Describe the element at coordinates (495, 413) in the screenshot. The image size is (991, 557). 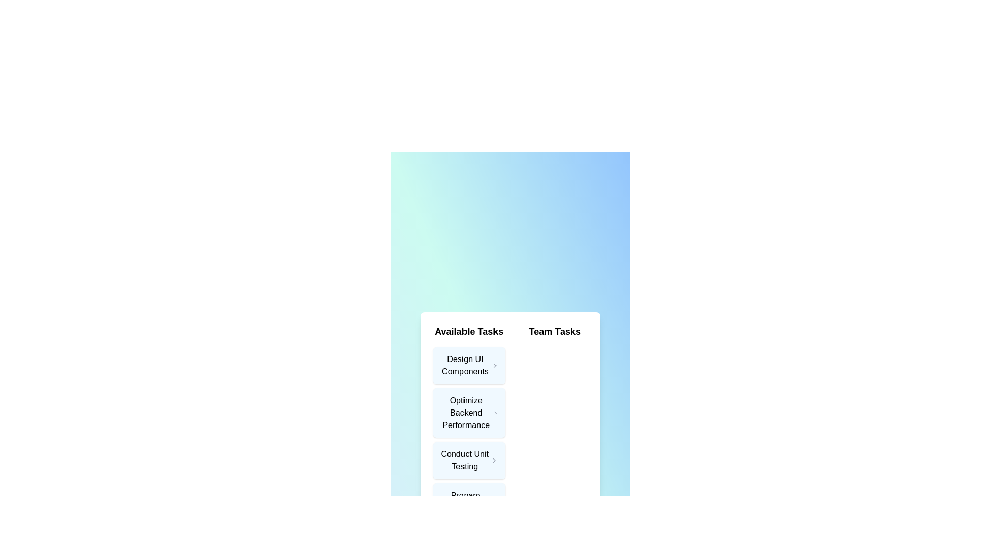
I see `chevron icon next to the task 'Optimize Backend Performance' to move it from 'Team Tasks' to 'Available Tasks'` at that location.